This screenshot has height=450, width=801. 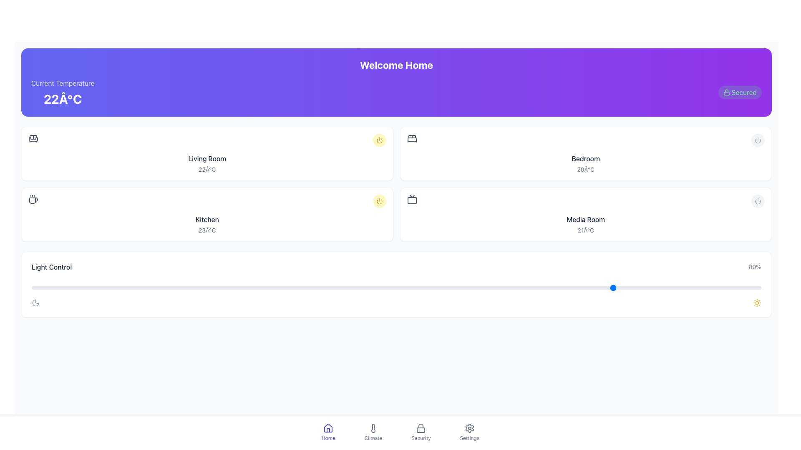 I want to click on the circular power button located at the top right of the 'Media Room' section, so click(x=758, y=201).